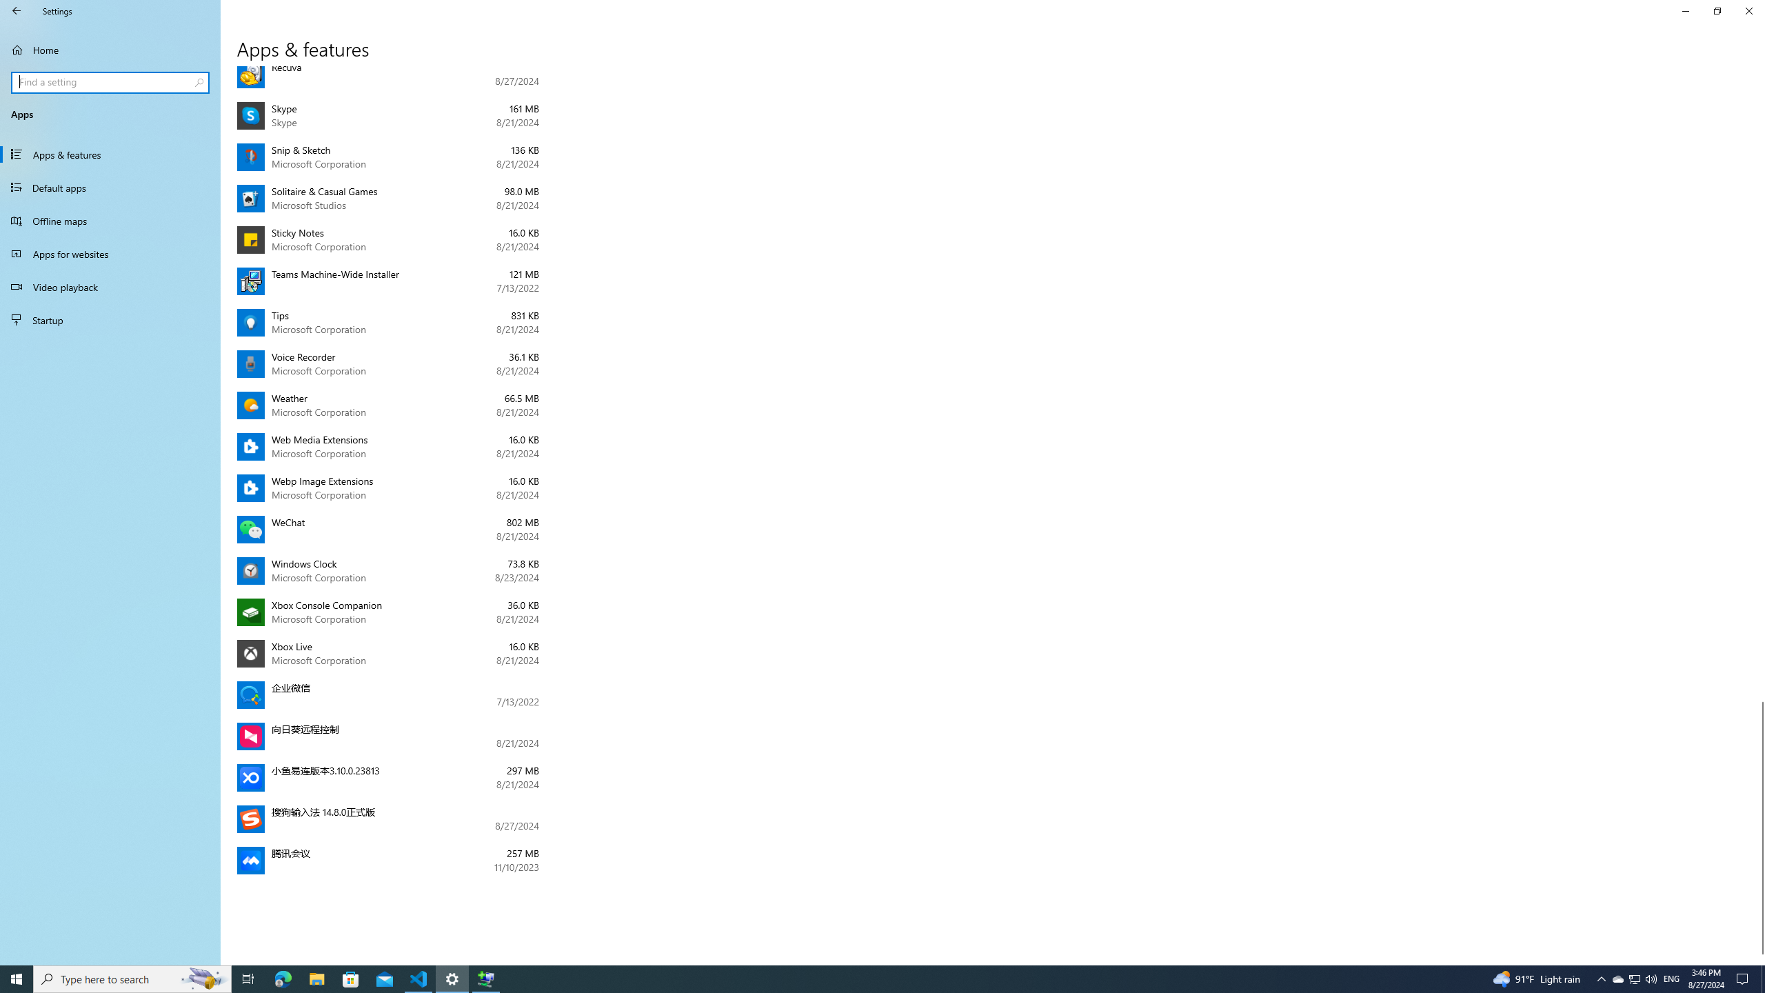 The height and width of the screenshot is (993, 1765). Describe the element at coordinates (110, 253) in the screenshot. I see `'Apps for websites'` at that location.